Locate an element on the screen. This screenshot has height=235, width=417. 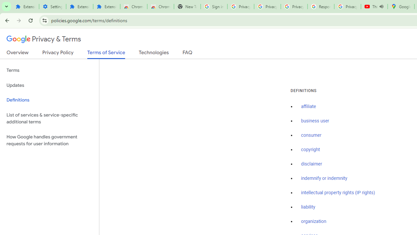
'Sign in - Google Accounts' is located at coordinates (214, 7).